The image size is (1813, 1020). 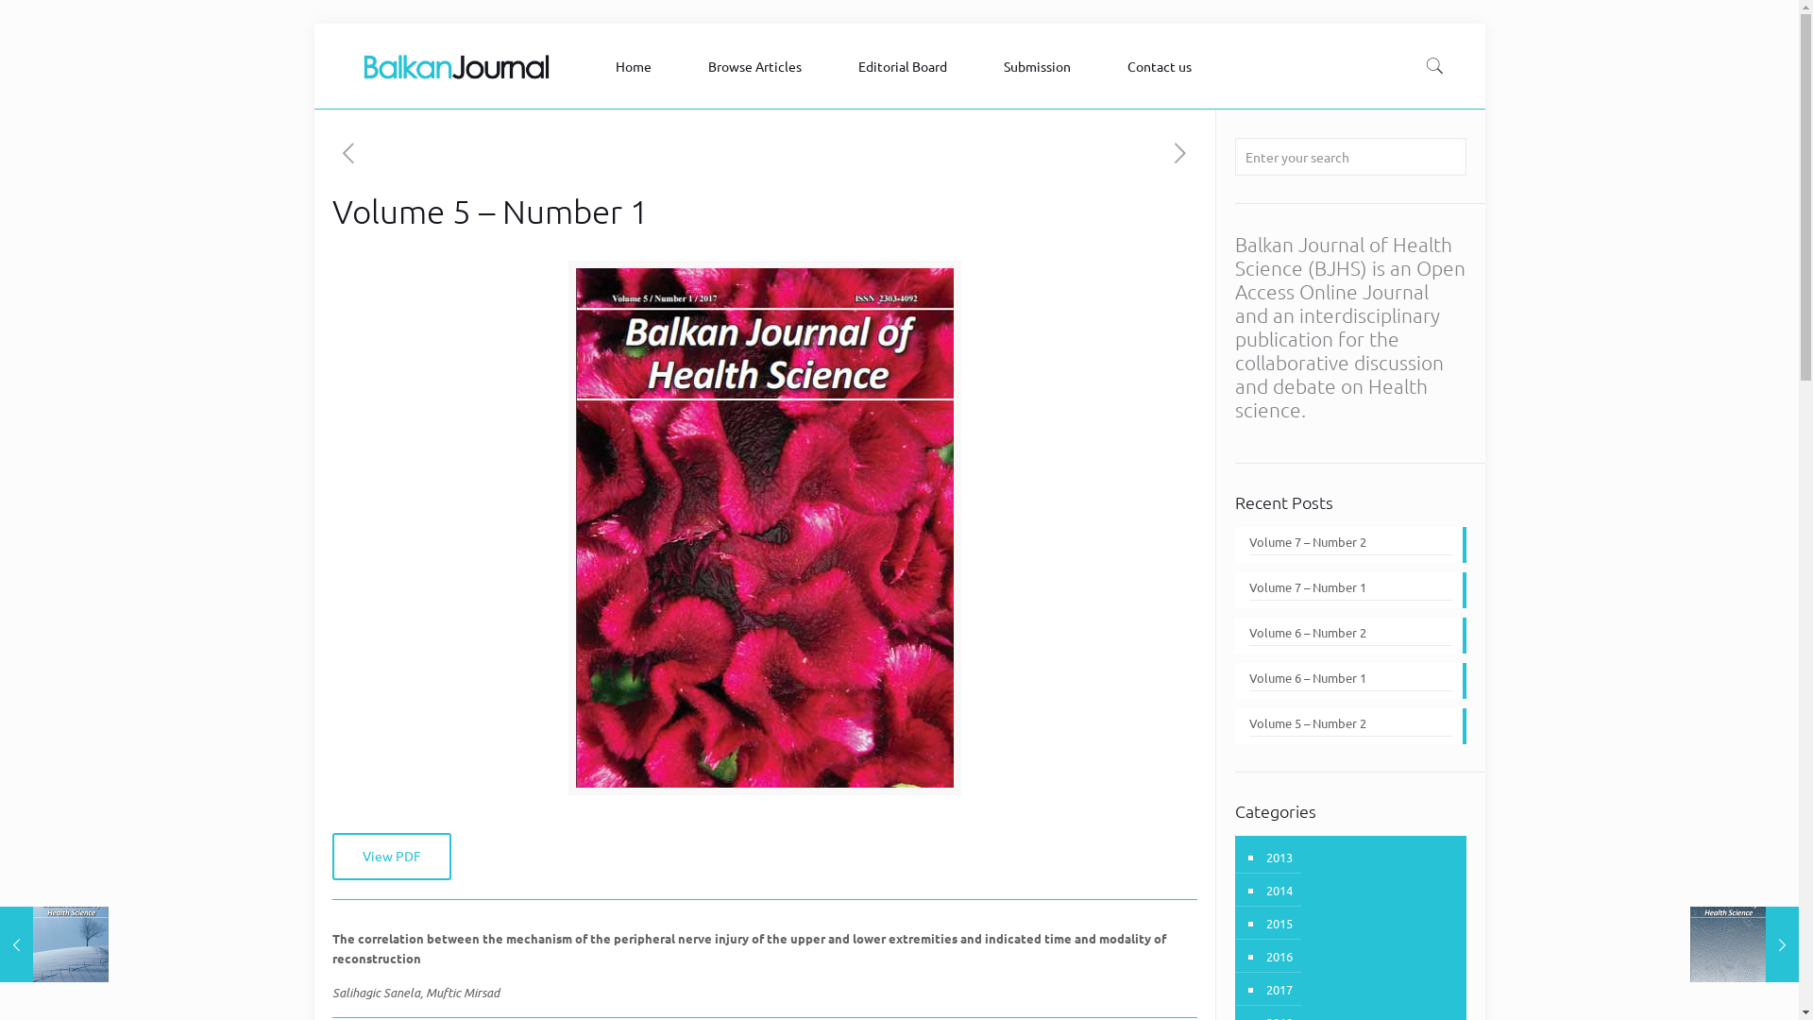 I want to click on 'Contact us', so click(x=1163, y=64).